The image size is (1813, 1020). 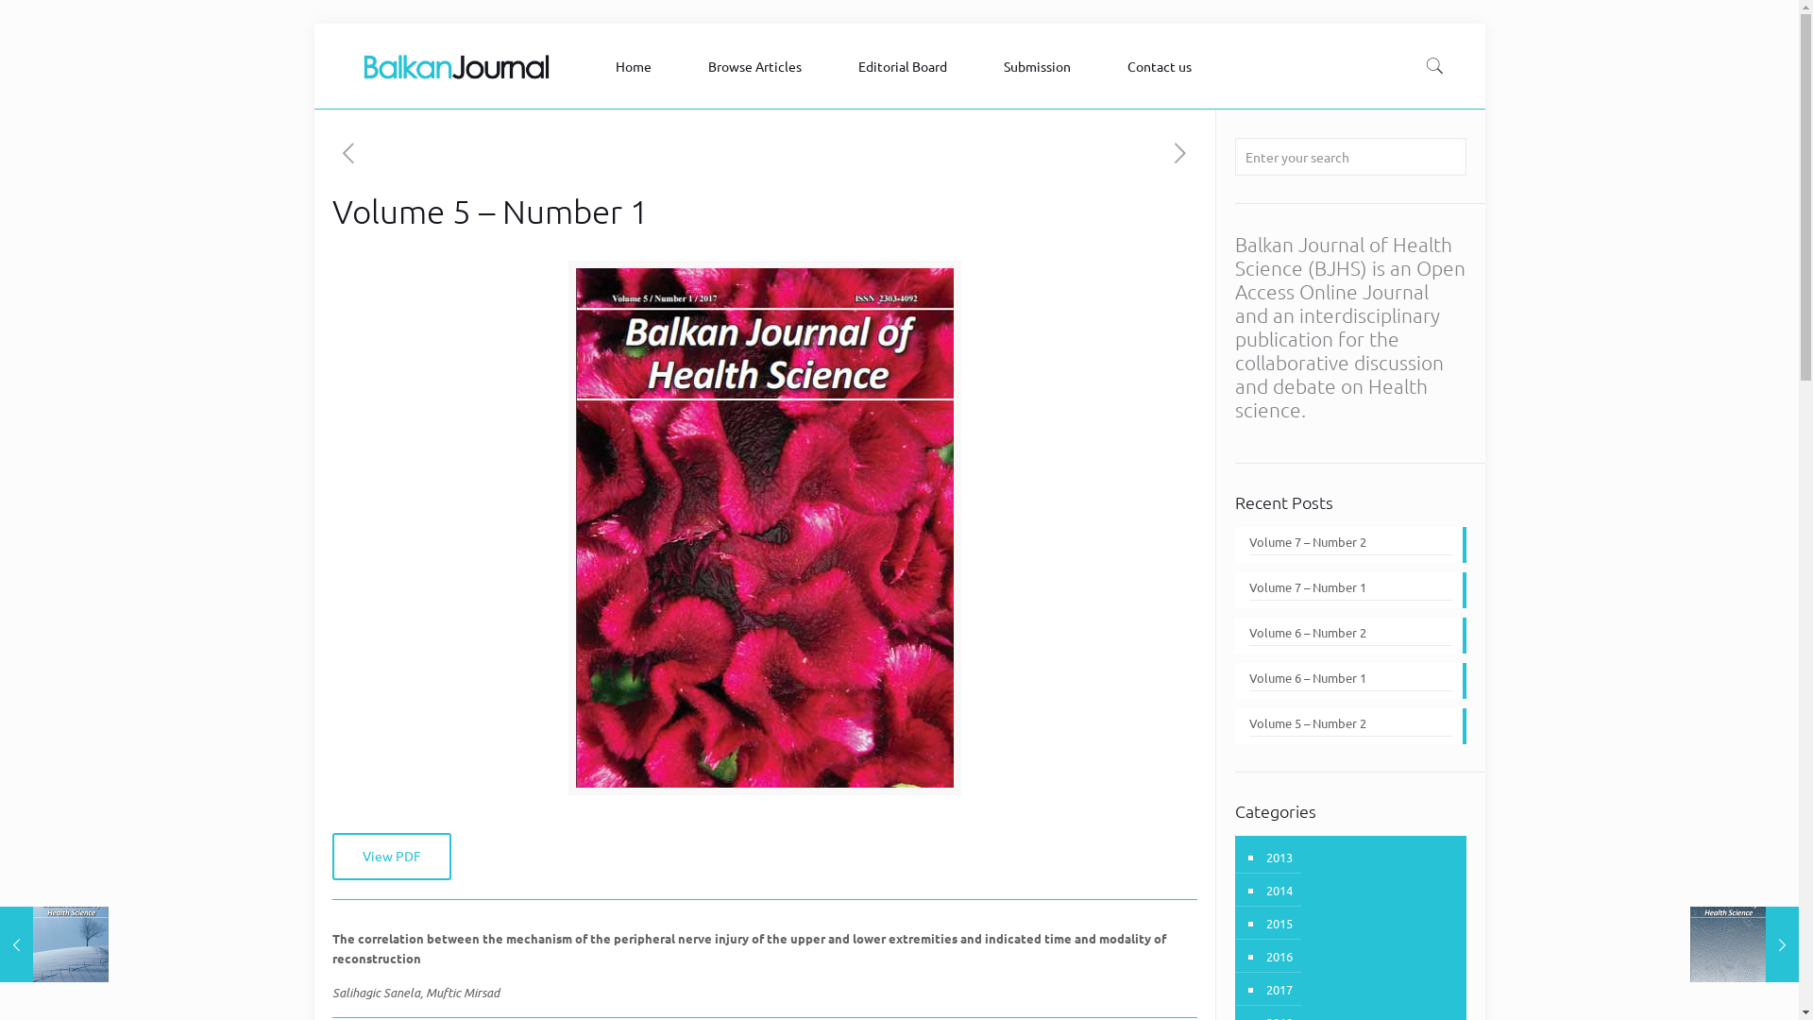 I want to click on 'Contact us', so click(x=1163, y=64).